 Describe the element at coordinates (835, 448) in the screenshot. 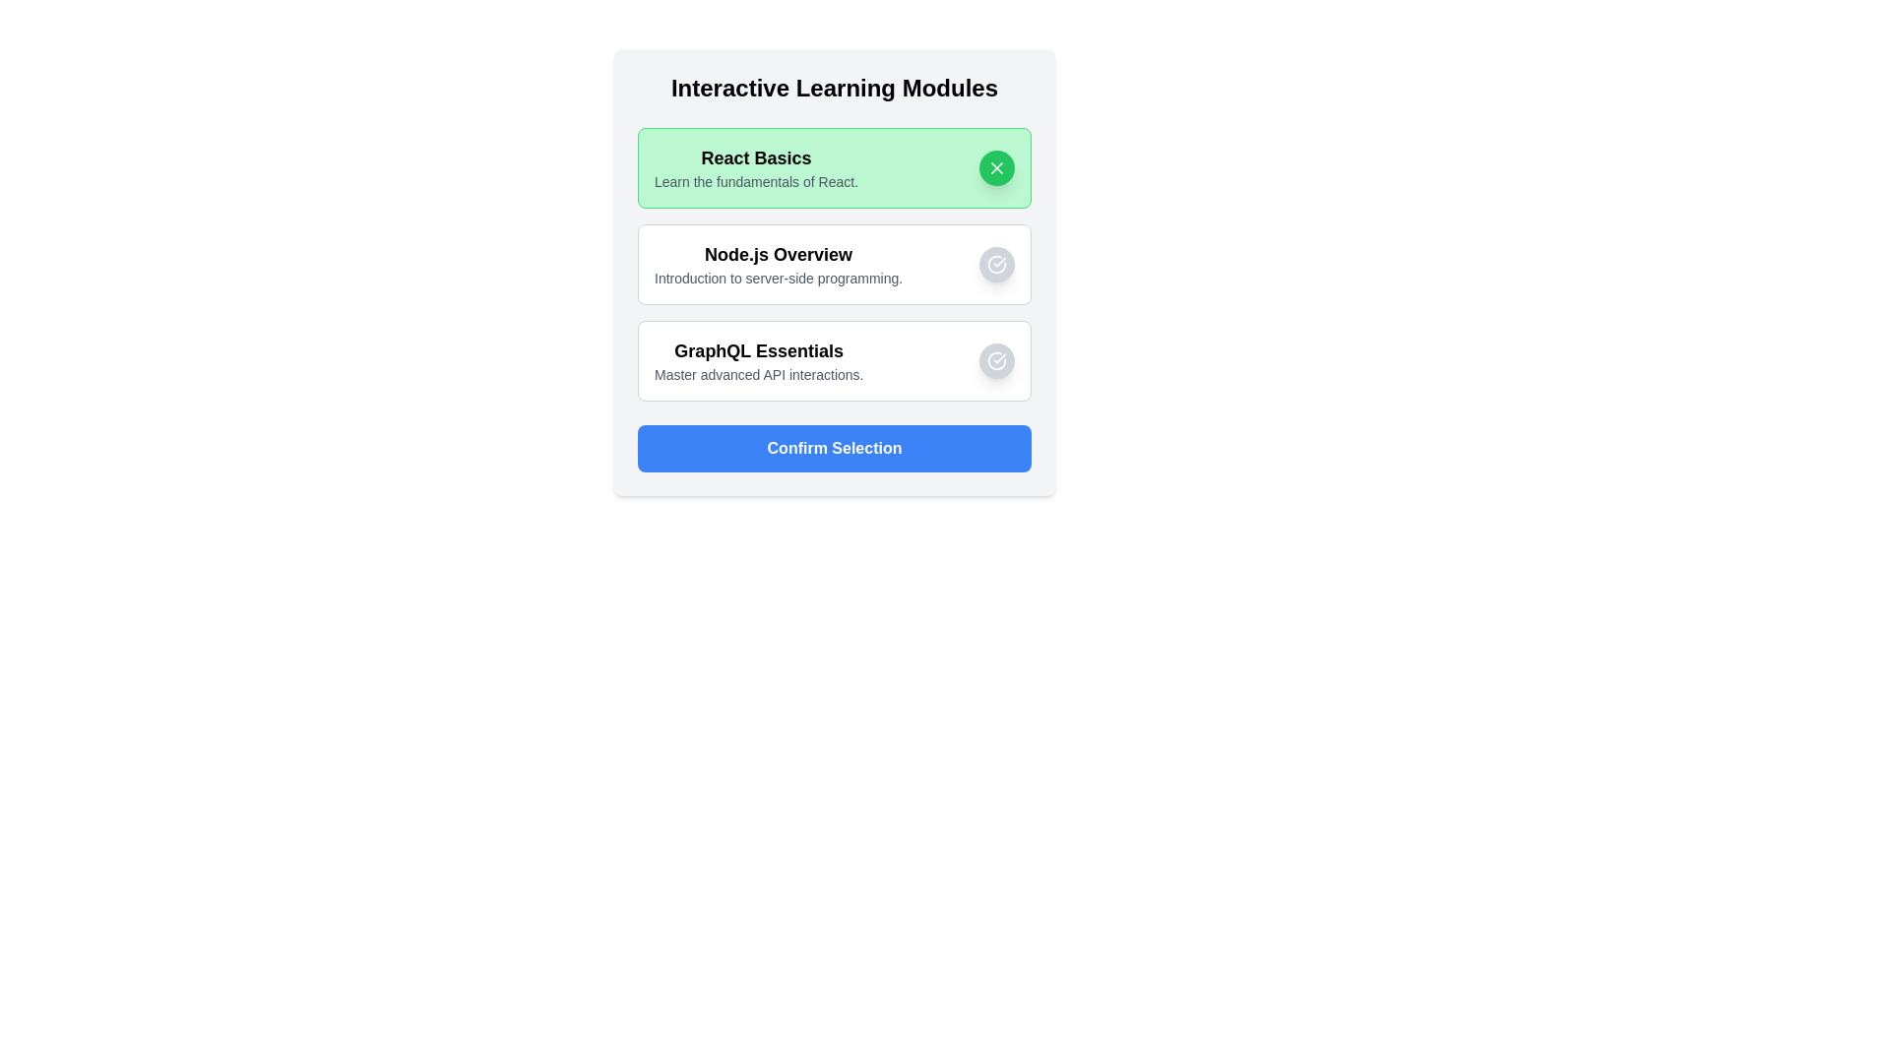

I see `the 'Confirm Selection' button` at that location.